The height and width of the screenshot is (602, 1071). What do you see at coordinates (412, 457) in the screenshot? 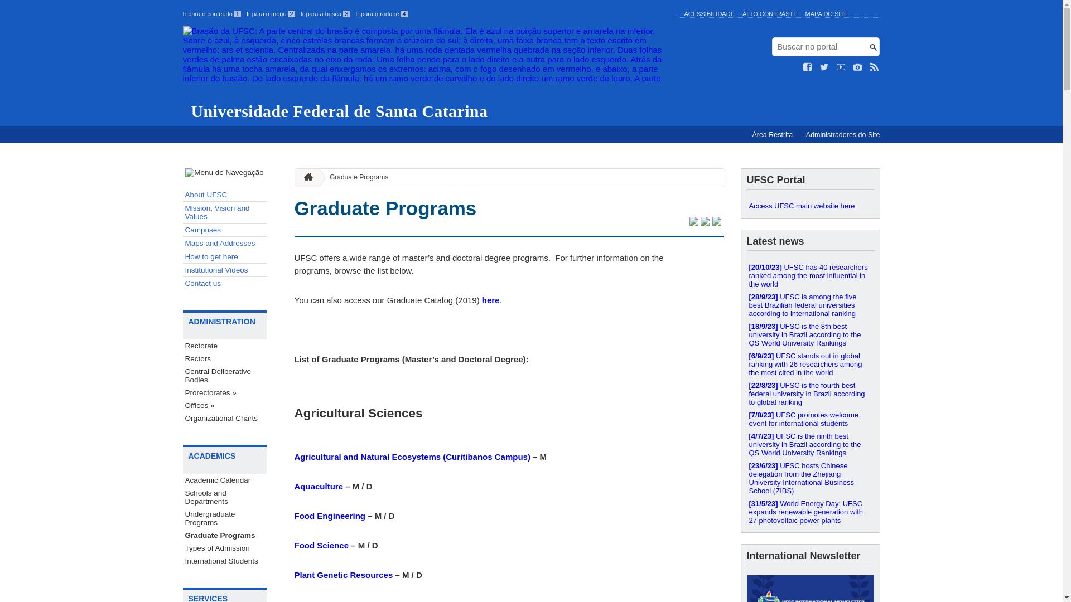
I see `'Agricultural and Natural Ecosystems (Curitibanos Campus)'` at bounding box center [412, 457].